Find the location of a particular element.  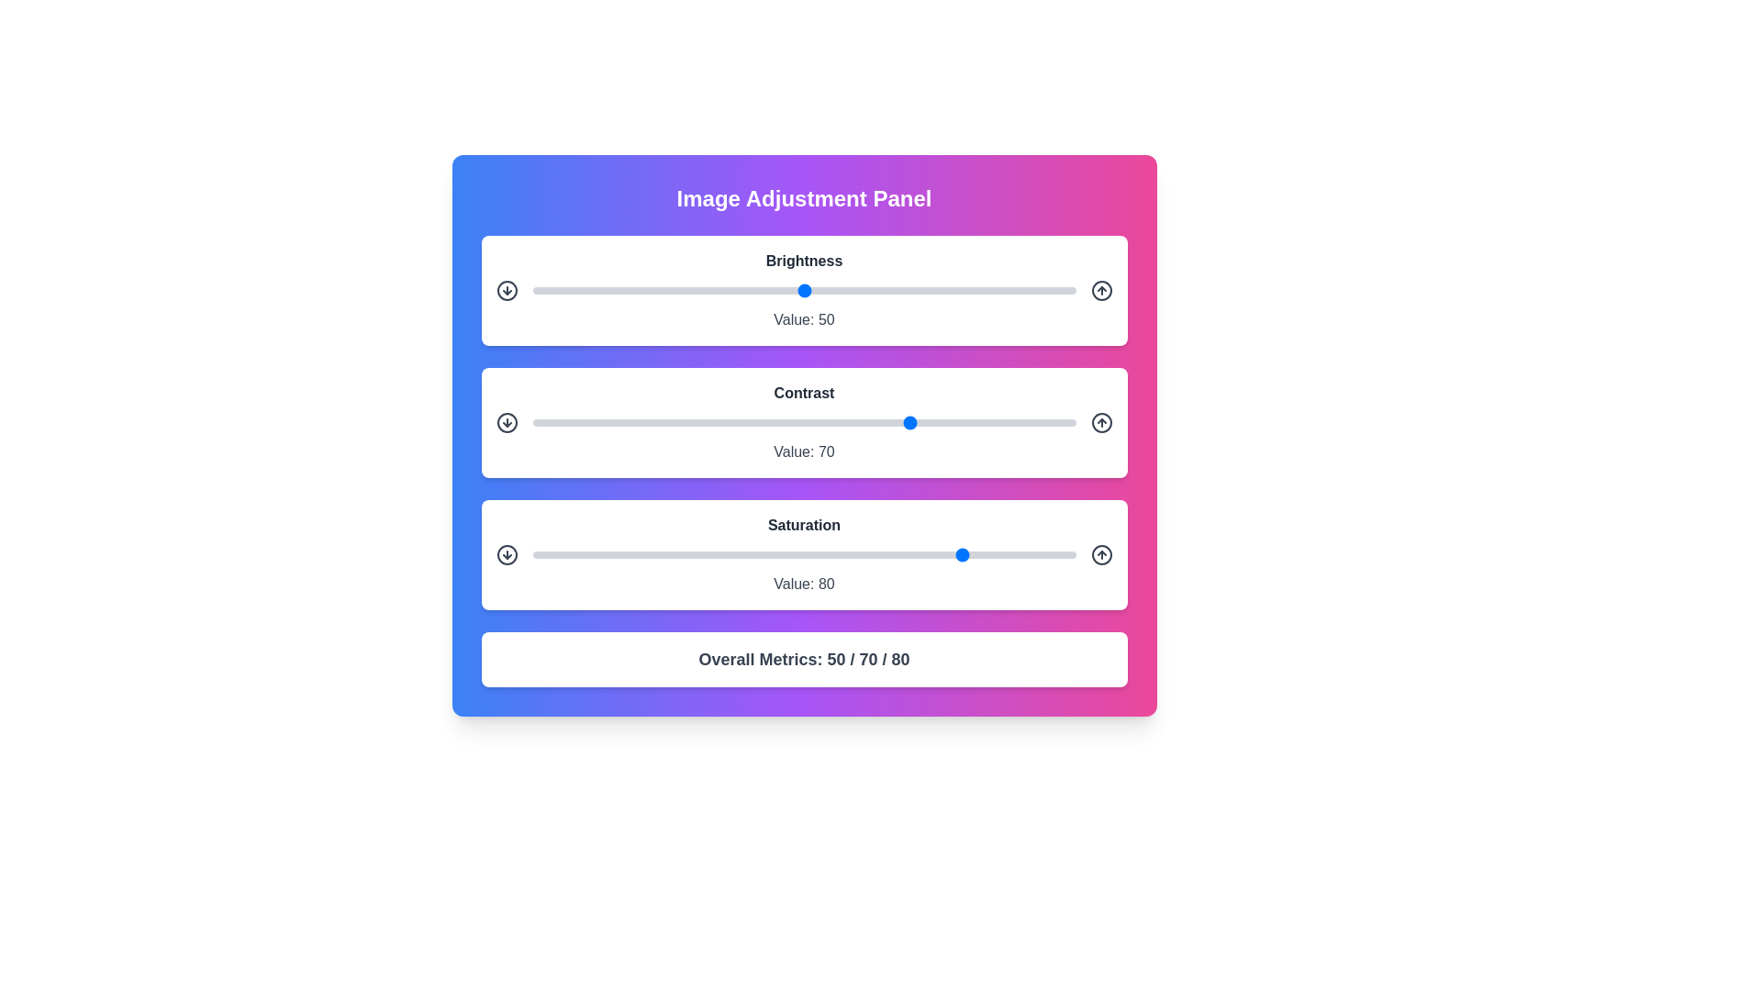

saturation is located at coordinates (846, 554).